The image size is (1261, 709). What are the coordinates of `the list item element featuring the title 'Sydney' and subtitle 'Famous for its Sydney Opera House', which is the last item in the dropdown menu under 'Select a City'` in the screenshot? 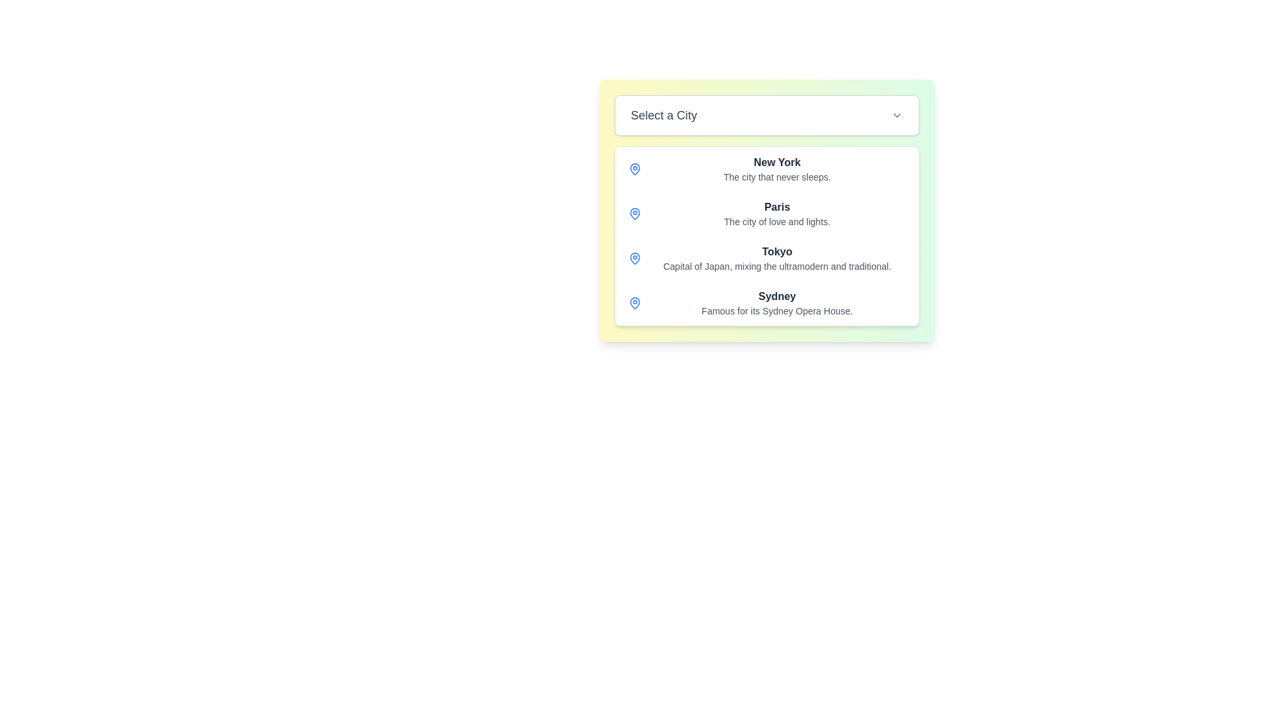 It's located at (777, 303).